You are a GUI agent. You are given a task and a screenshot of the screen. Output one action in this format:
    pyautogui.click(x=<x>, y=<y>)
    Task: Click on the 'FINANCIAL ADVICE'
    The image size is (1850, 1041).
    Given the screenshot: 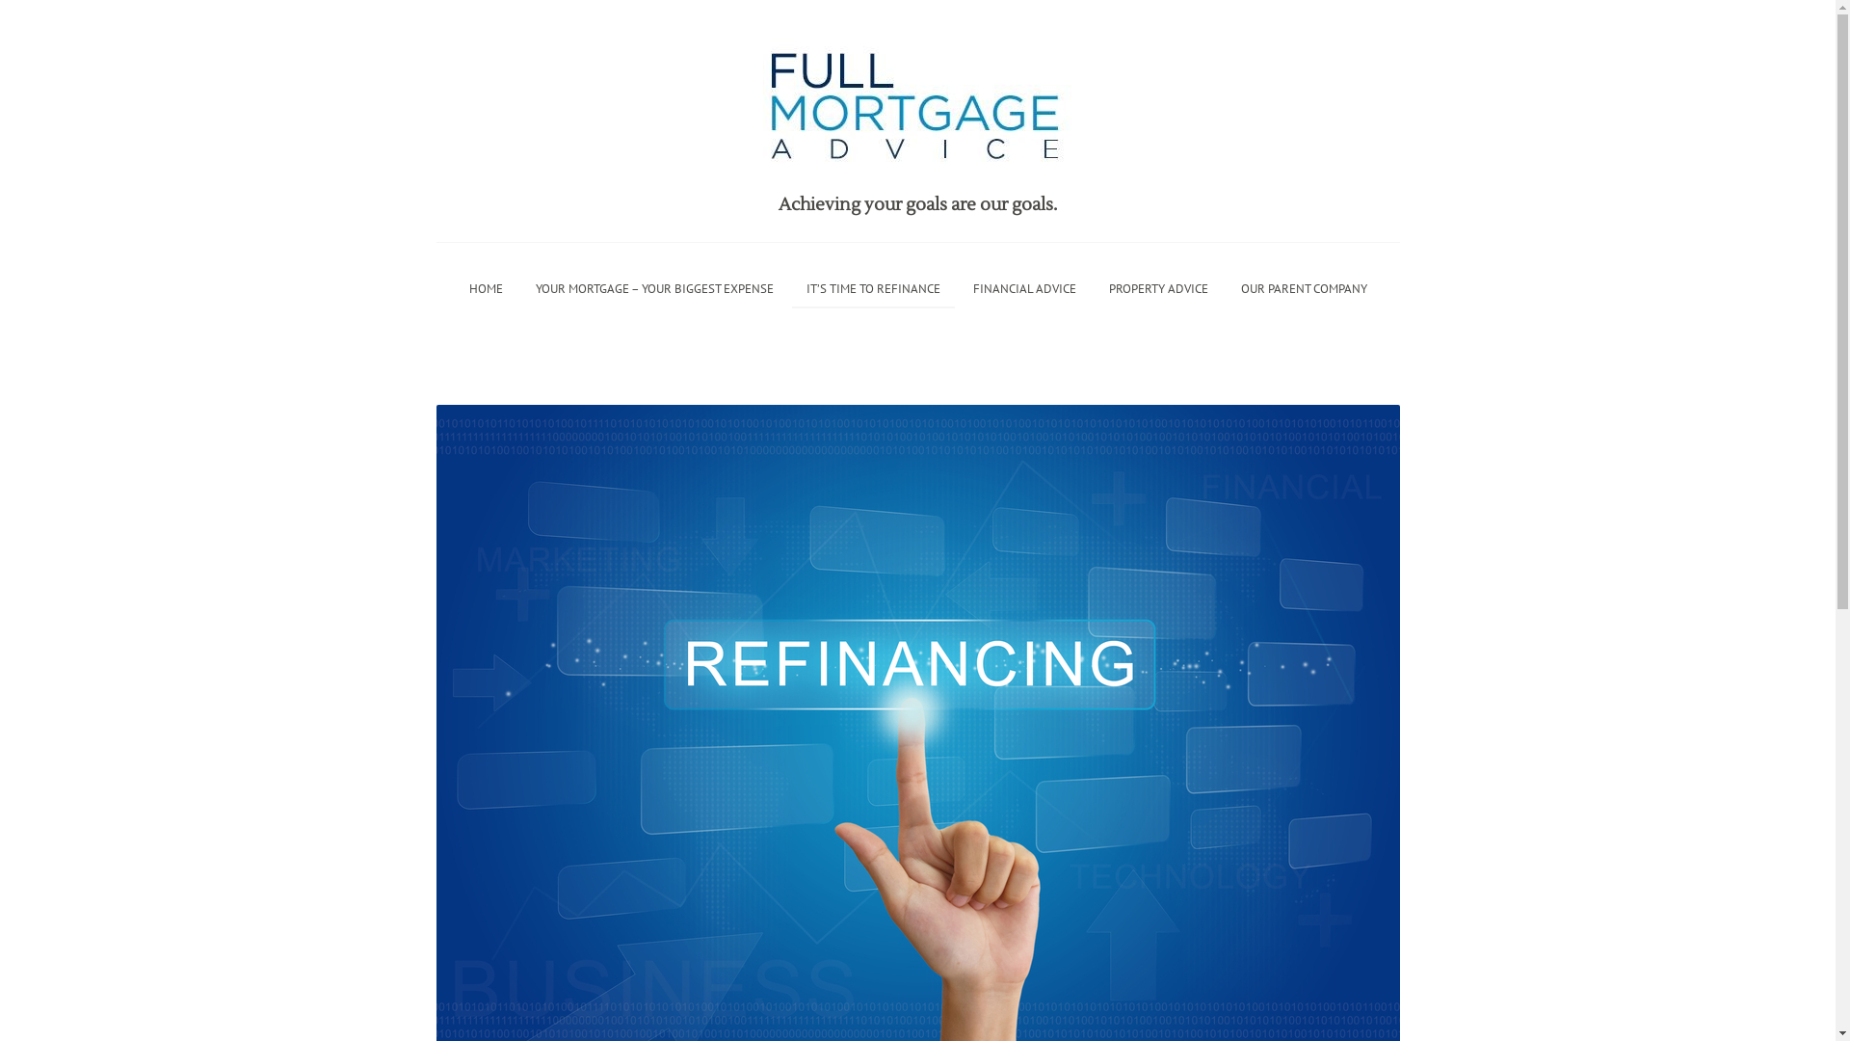 What is the action you would take?
    pyautogui.click(x=1022, y=287)
    